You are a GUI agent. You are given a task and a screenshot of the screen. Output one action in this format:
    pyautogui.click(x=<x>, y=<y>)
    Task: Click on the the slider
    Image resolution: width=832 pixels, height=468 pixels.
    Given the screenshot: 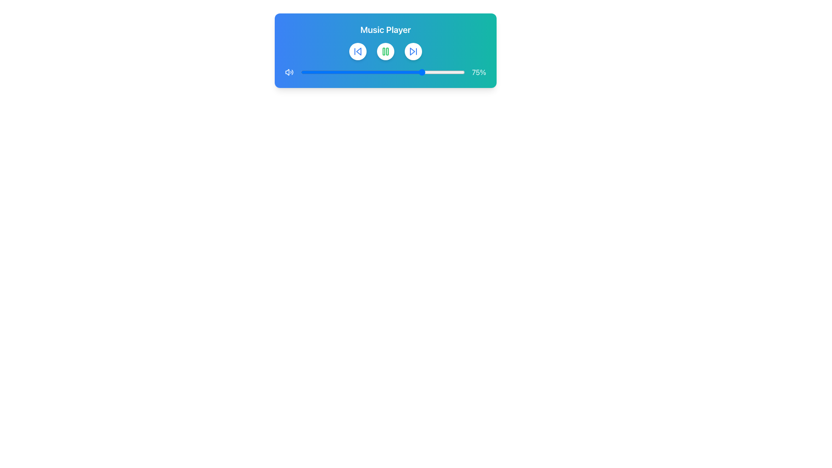 What is the action you would take?
    pyautogui.click(x=325, y=71)
    